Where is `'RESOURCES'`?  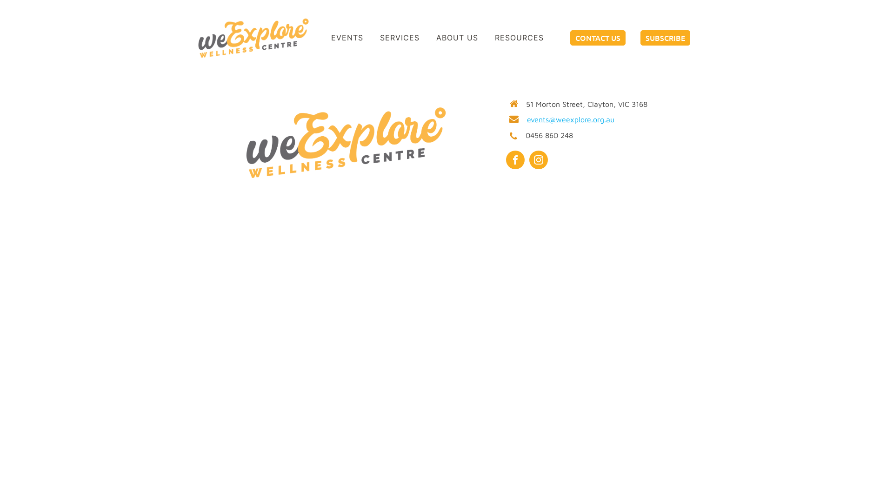 'RESOURCES' is located at coordinates (519, 37).